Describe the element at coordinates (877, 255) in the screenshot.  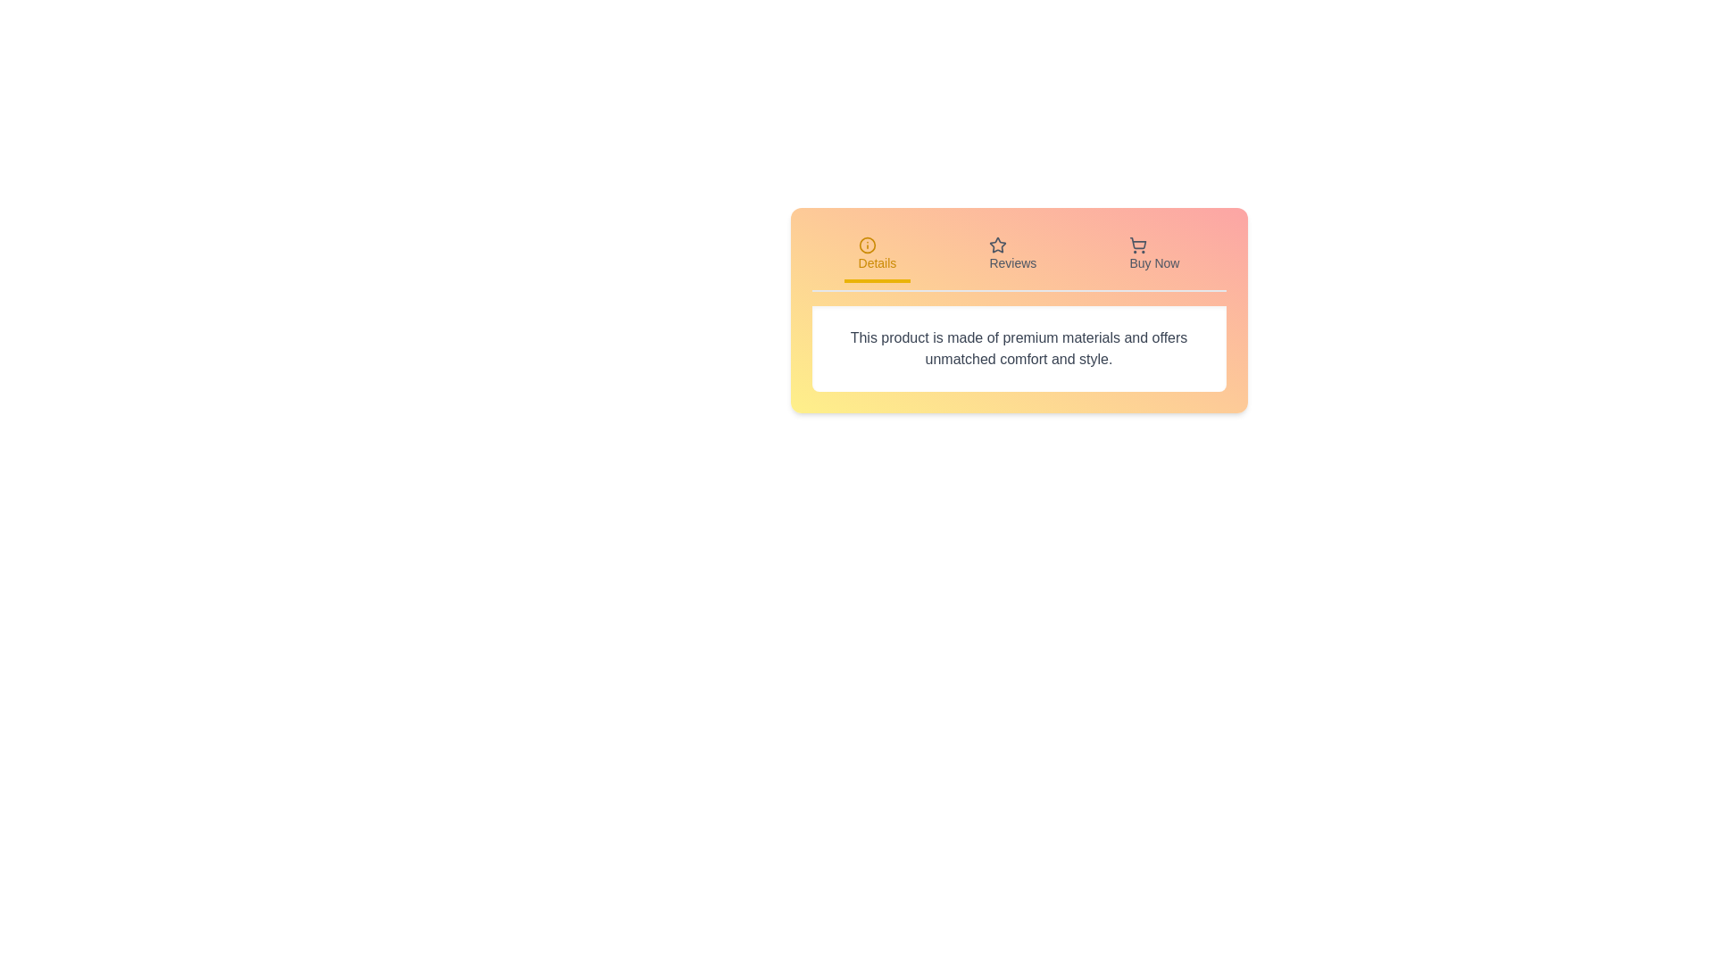
I see `the Details tab to observe its hover effect` at that location.